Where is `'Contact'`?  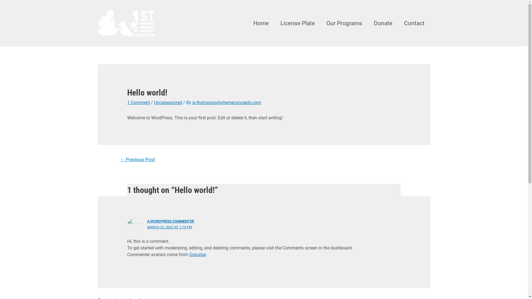 'Contact' is located at coordinates (414, 23).